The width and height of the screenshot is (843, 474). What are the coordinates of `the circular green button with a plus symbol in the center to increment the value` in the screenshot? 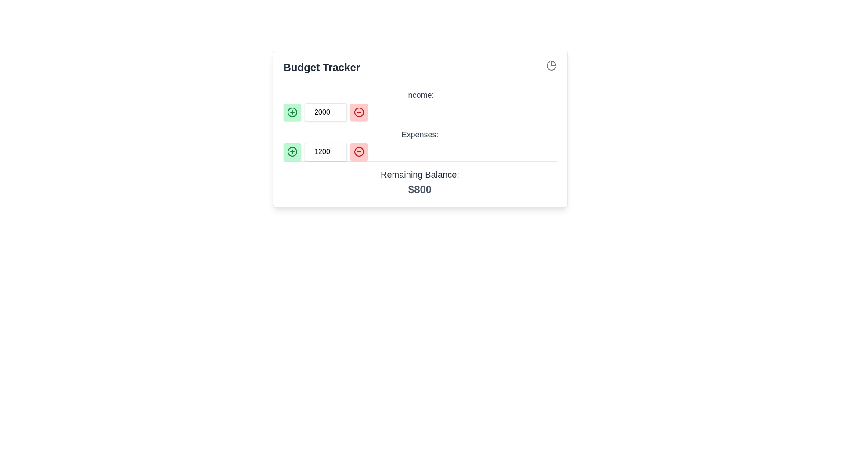 It's located at (292, 111).